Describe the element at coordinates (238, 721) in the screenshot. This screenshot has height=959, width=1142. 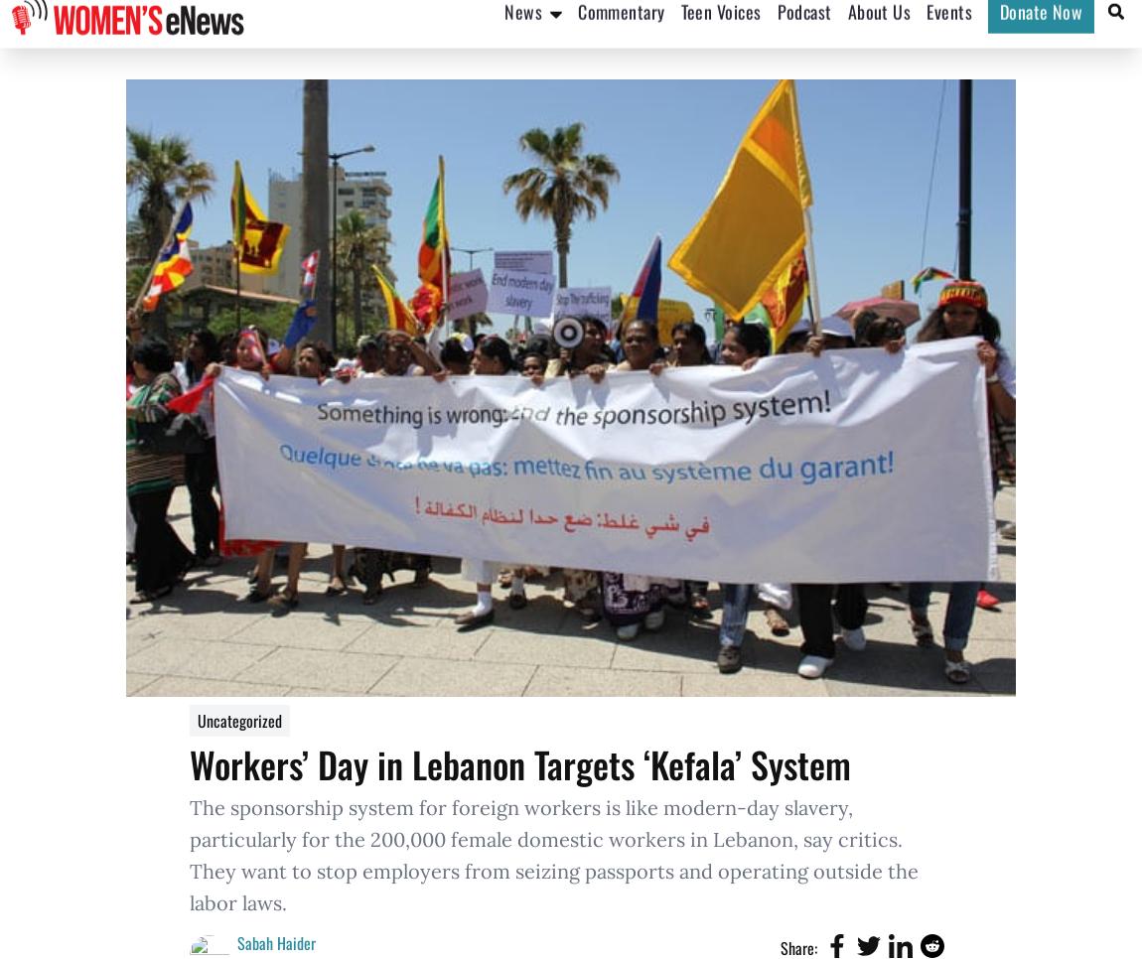
I see `'Uncategorized'` at that location.